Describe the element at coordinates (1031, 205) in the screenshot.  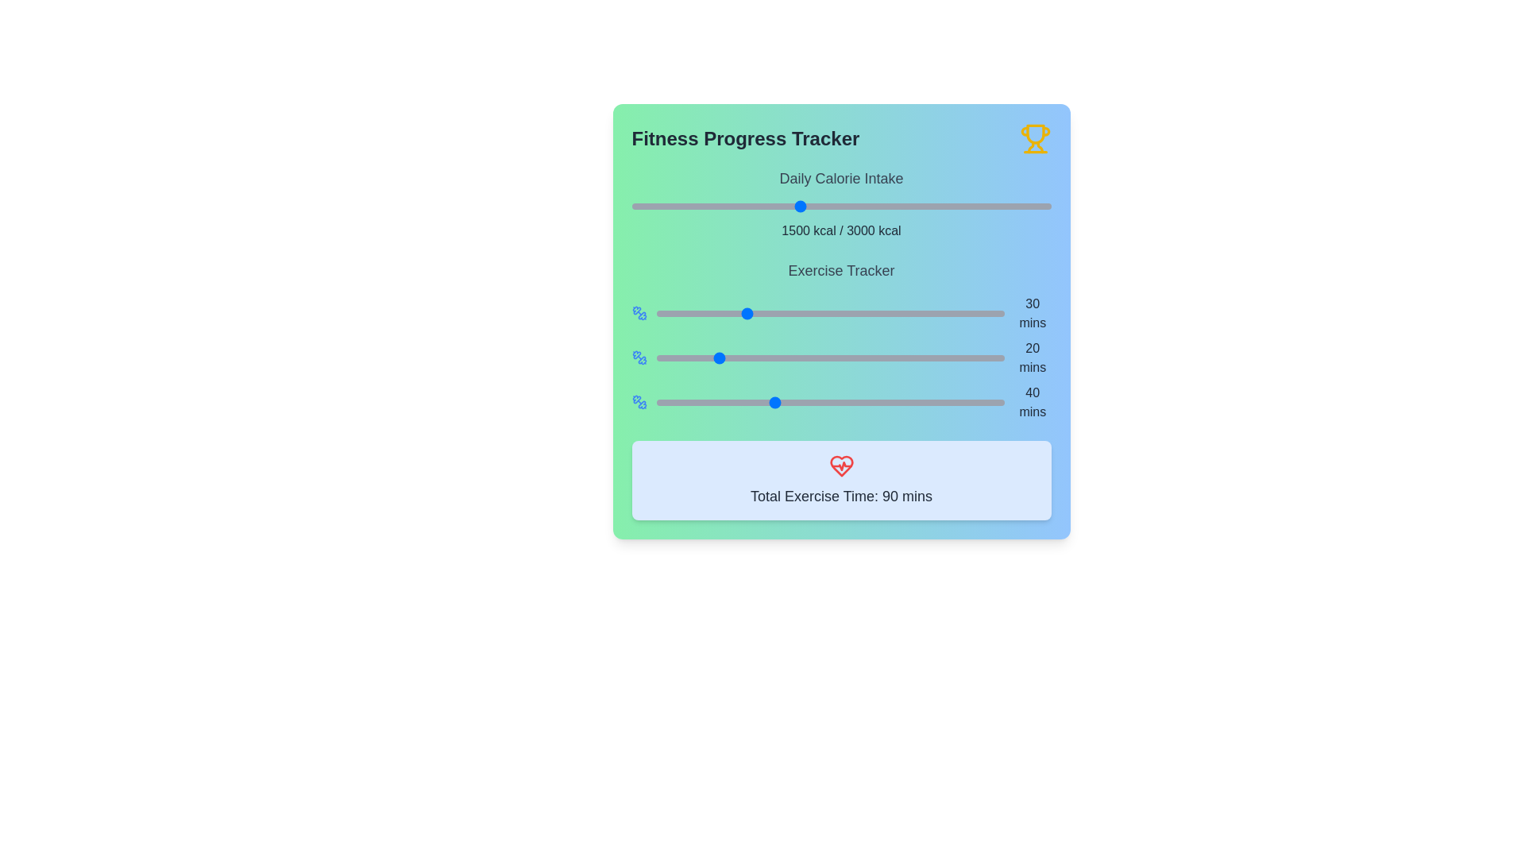
I see `calorie intake` at that location.